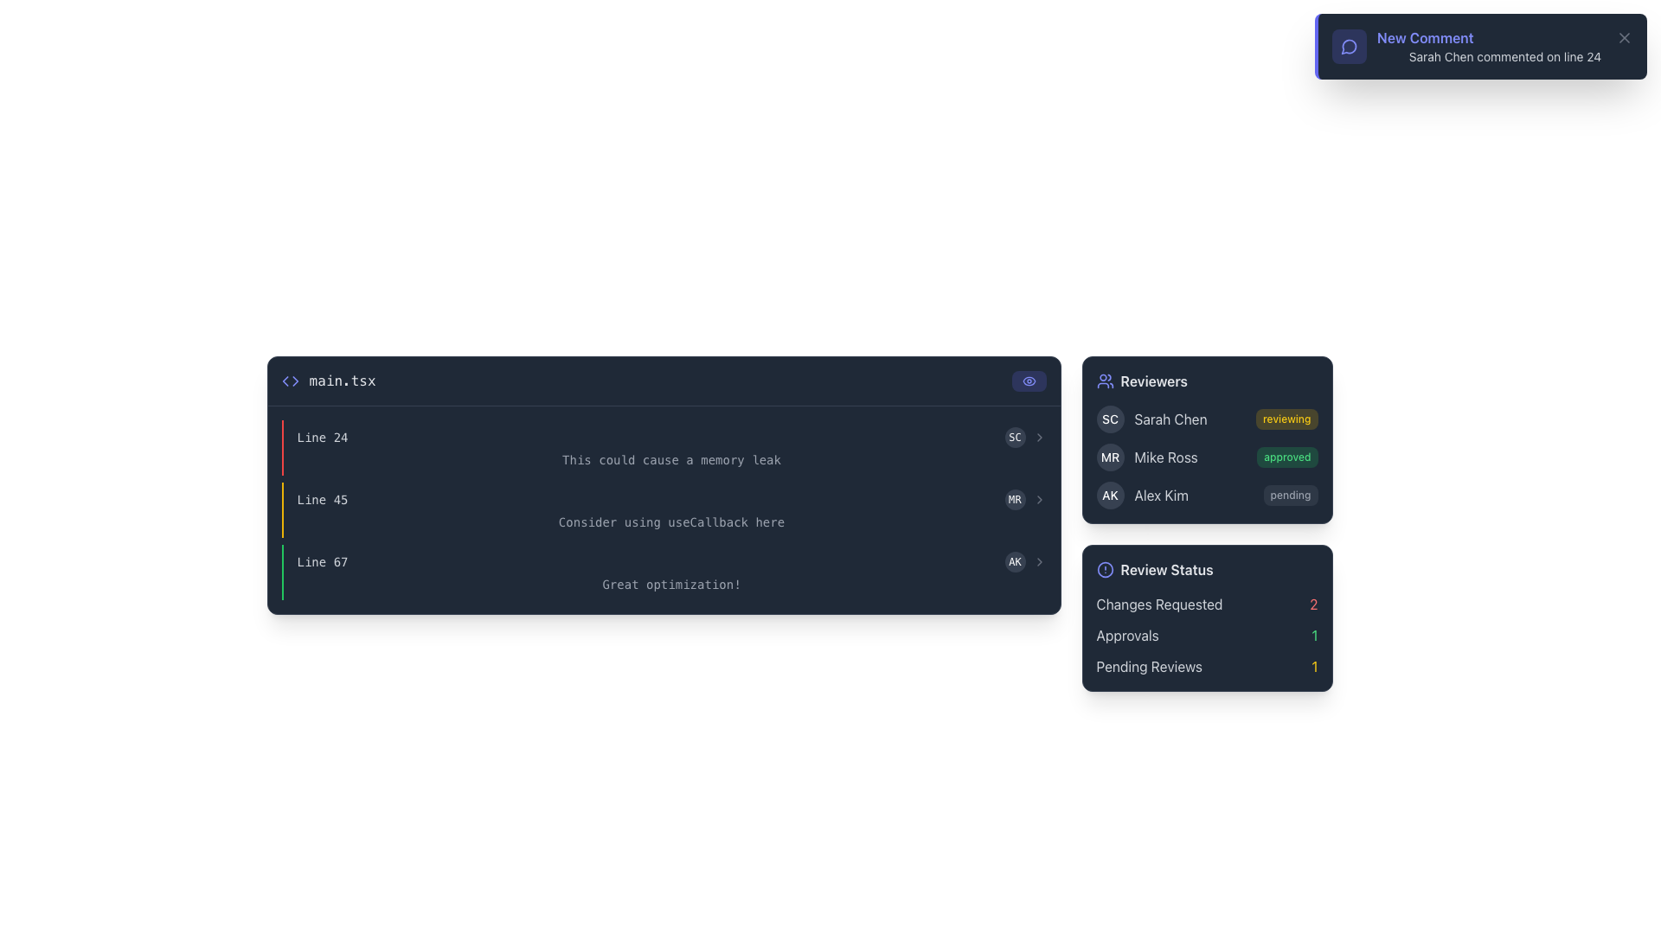 The image size is (1661, 934). I want to click on the eye-shaped SVG icon located within a rounded rectangular button in the upper-right section of the file viewer interface, so click(1029, 380).